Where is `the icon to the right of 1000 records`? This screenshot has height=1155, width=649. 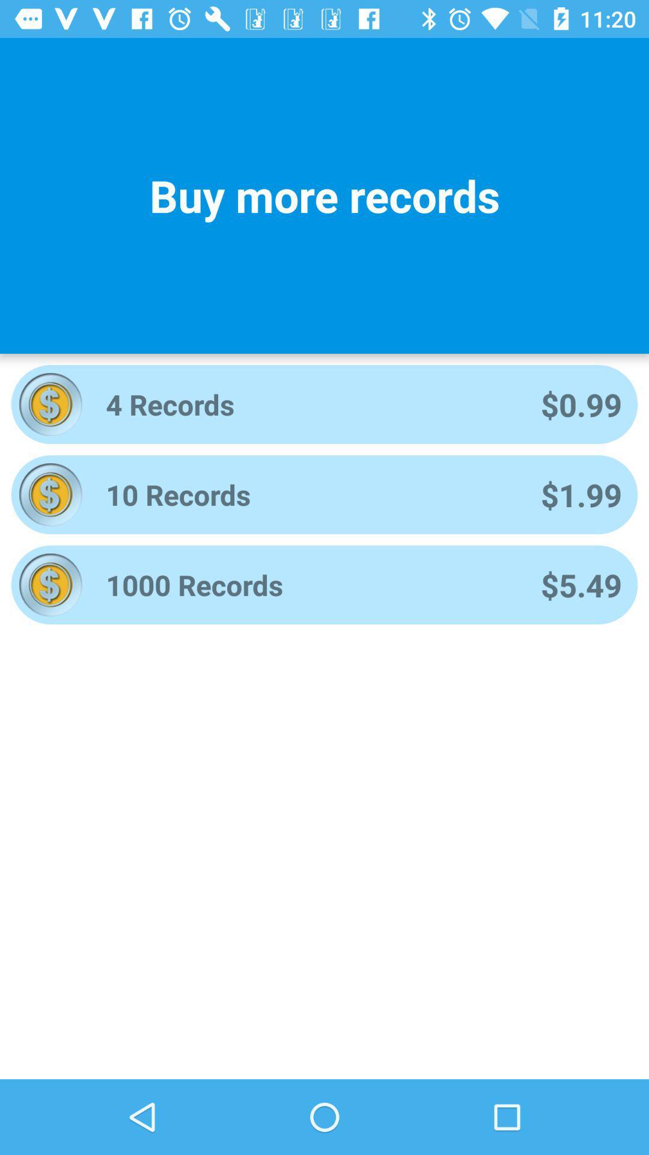
the icon to the right of 1000 records is located at coordinates (580, 585).